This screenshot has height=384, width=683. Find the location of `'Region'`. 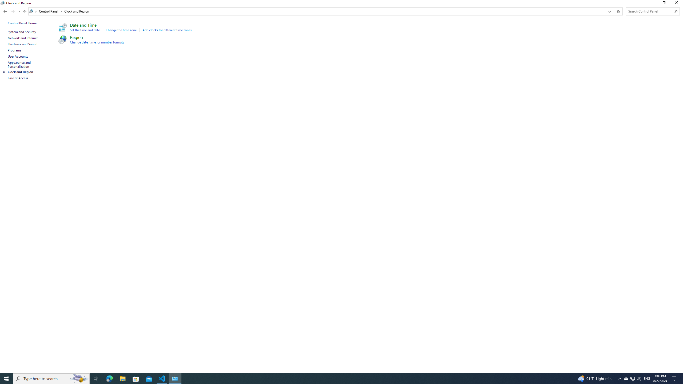

'Region' is located at coordinates (76, 37).